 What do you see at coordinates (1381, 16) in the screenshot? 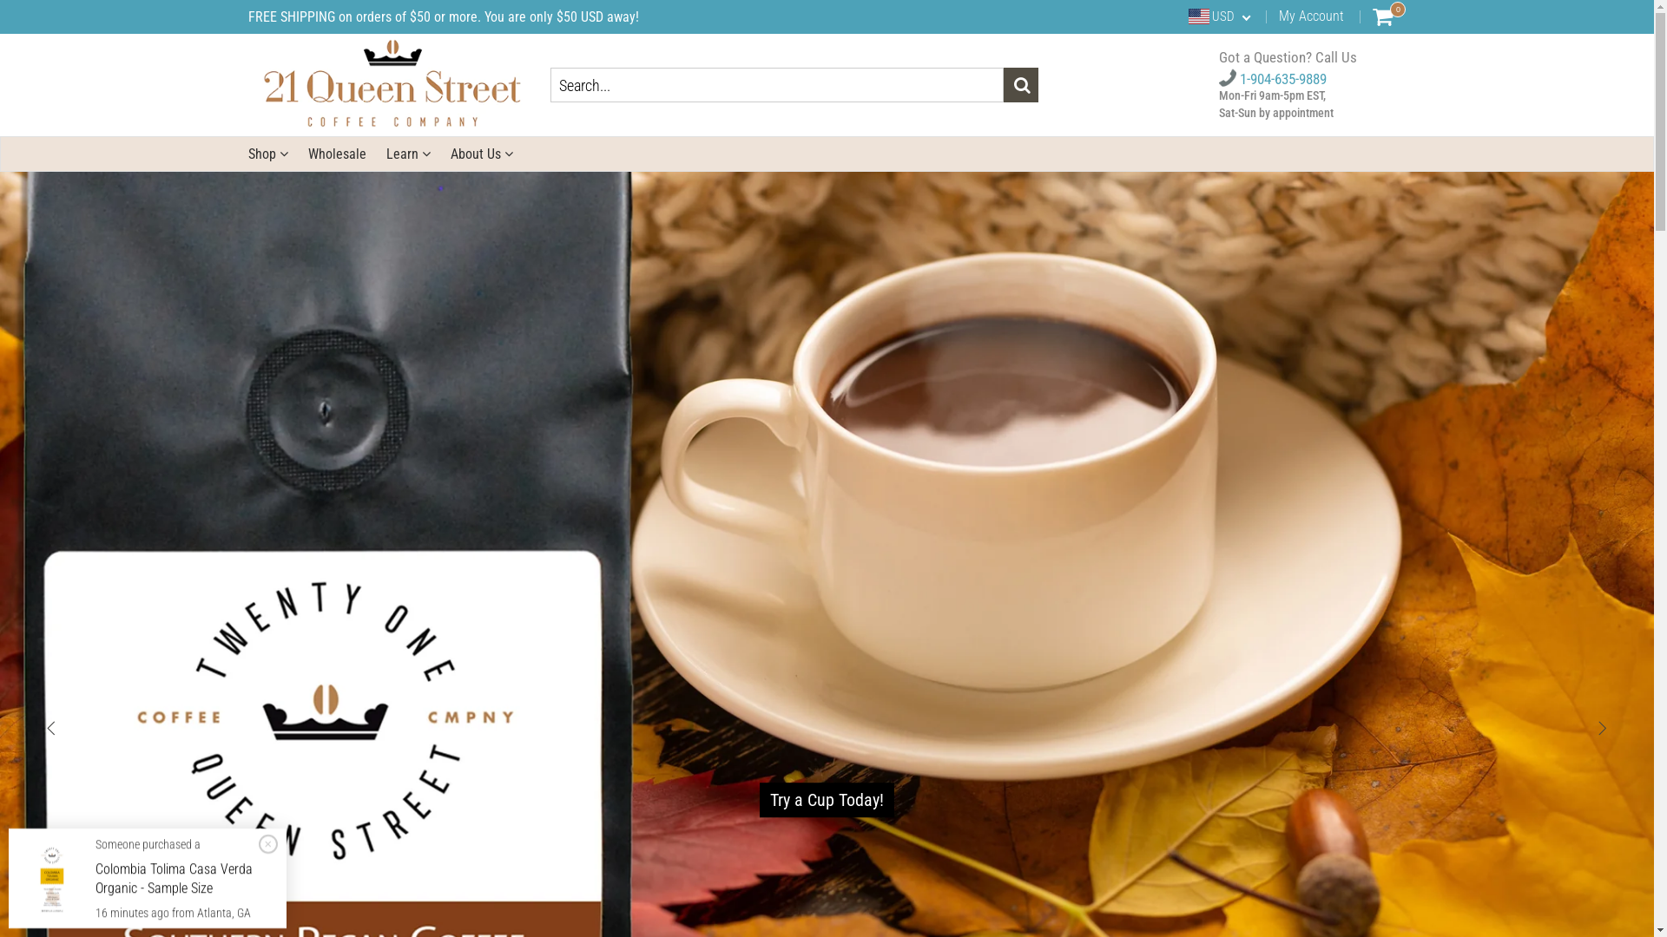
I see `'0'` at bounding box center [1381, 16].